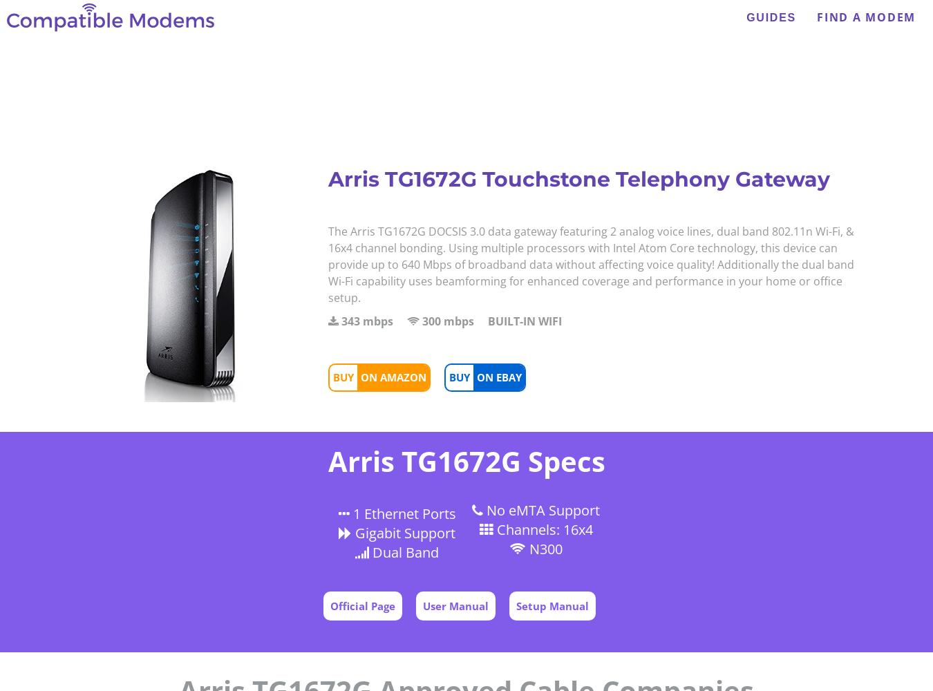  I want to click on 'Arris TG1672G Specs', so click(466, 461).